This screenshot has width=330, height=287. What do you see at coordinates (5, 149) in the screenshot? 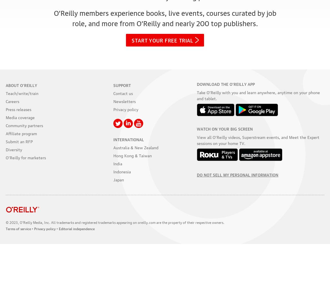
I see `'Diversity'` at bounding box center [5, 149].